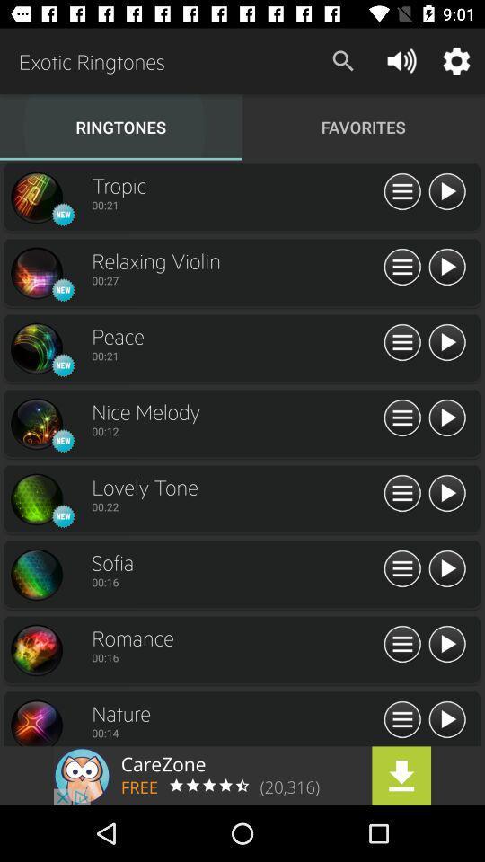 The image size is (485, 862). What do you see at coordinates (402, 568) in the screenshot?
I see `to playlist` at bounding box center [402, 568].